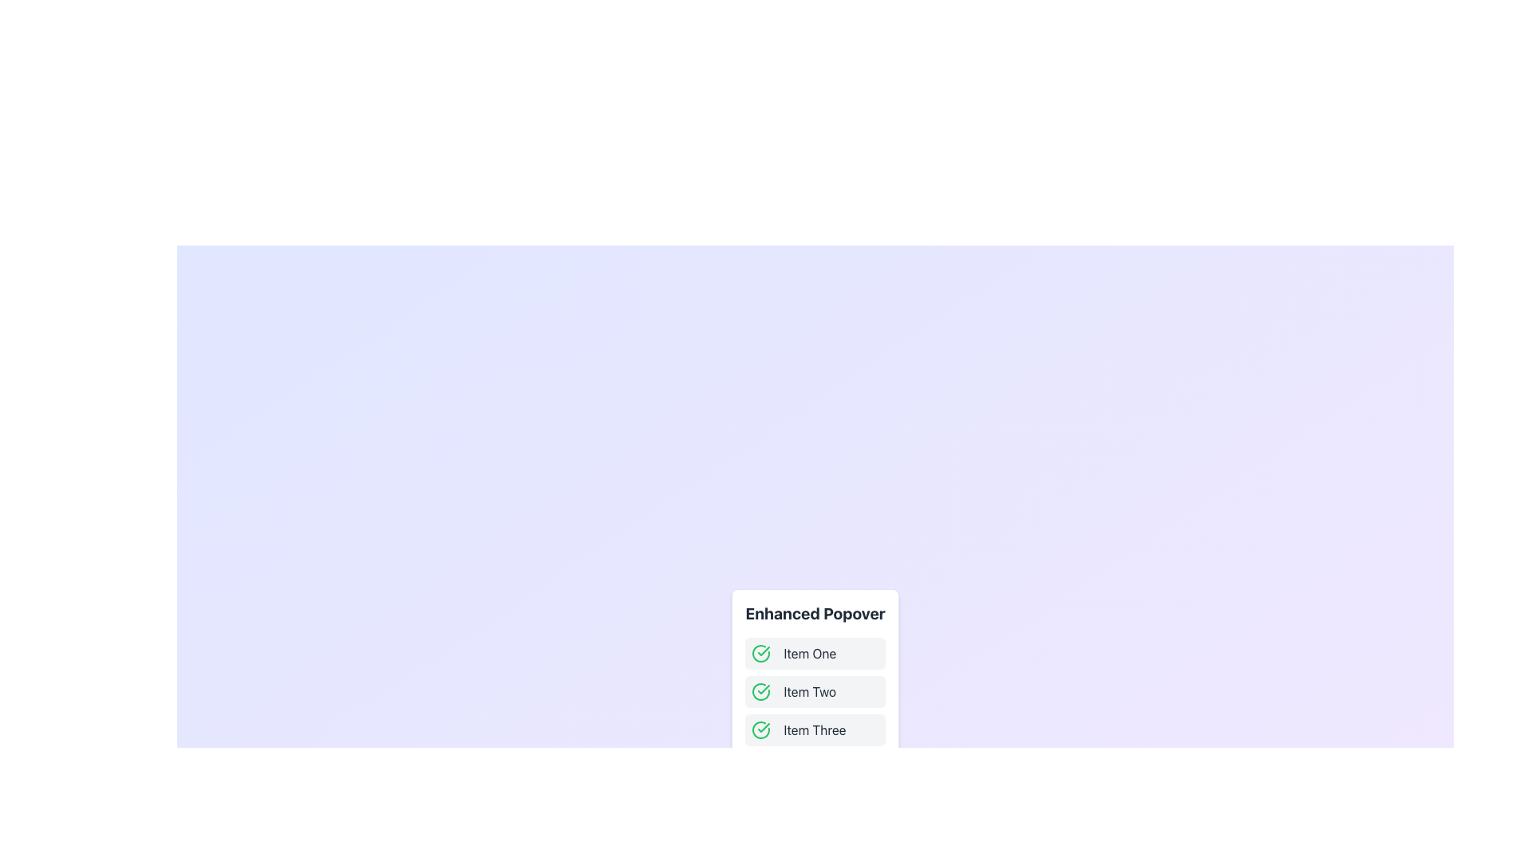 The image size is (1532, 861). What do you see at coordinates (815, 694) in the screenshot?
I see `the information of the labeled list item 'Item Two' with a green checkmark icon, located within the 'Enhanced Popover' interface` at bounding box center [815, 694].